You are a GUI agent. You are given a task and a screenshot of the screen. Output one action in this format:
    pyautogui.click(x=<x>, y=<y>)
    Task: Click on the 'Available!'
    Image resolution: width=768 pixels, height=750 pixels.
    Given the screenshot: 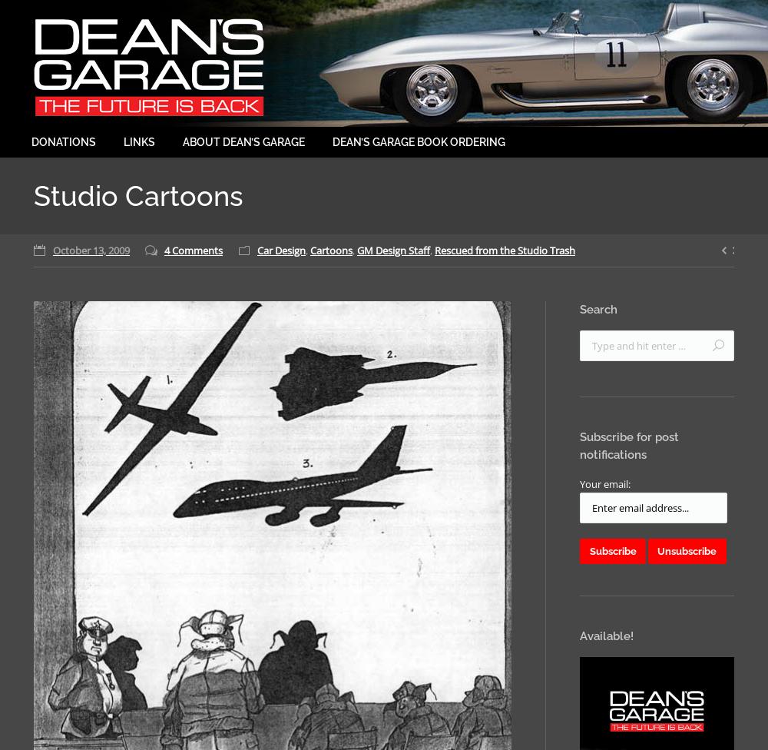 What is the action you would take?
    pyautogui.click(x=607, y=636)
    